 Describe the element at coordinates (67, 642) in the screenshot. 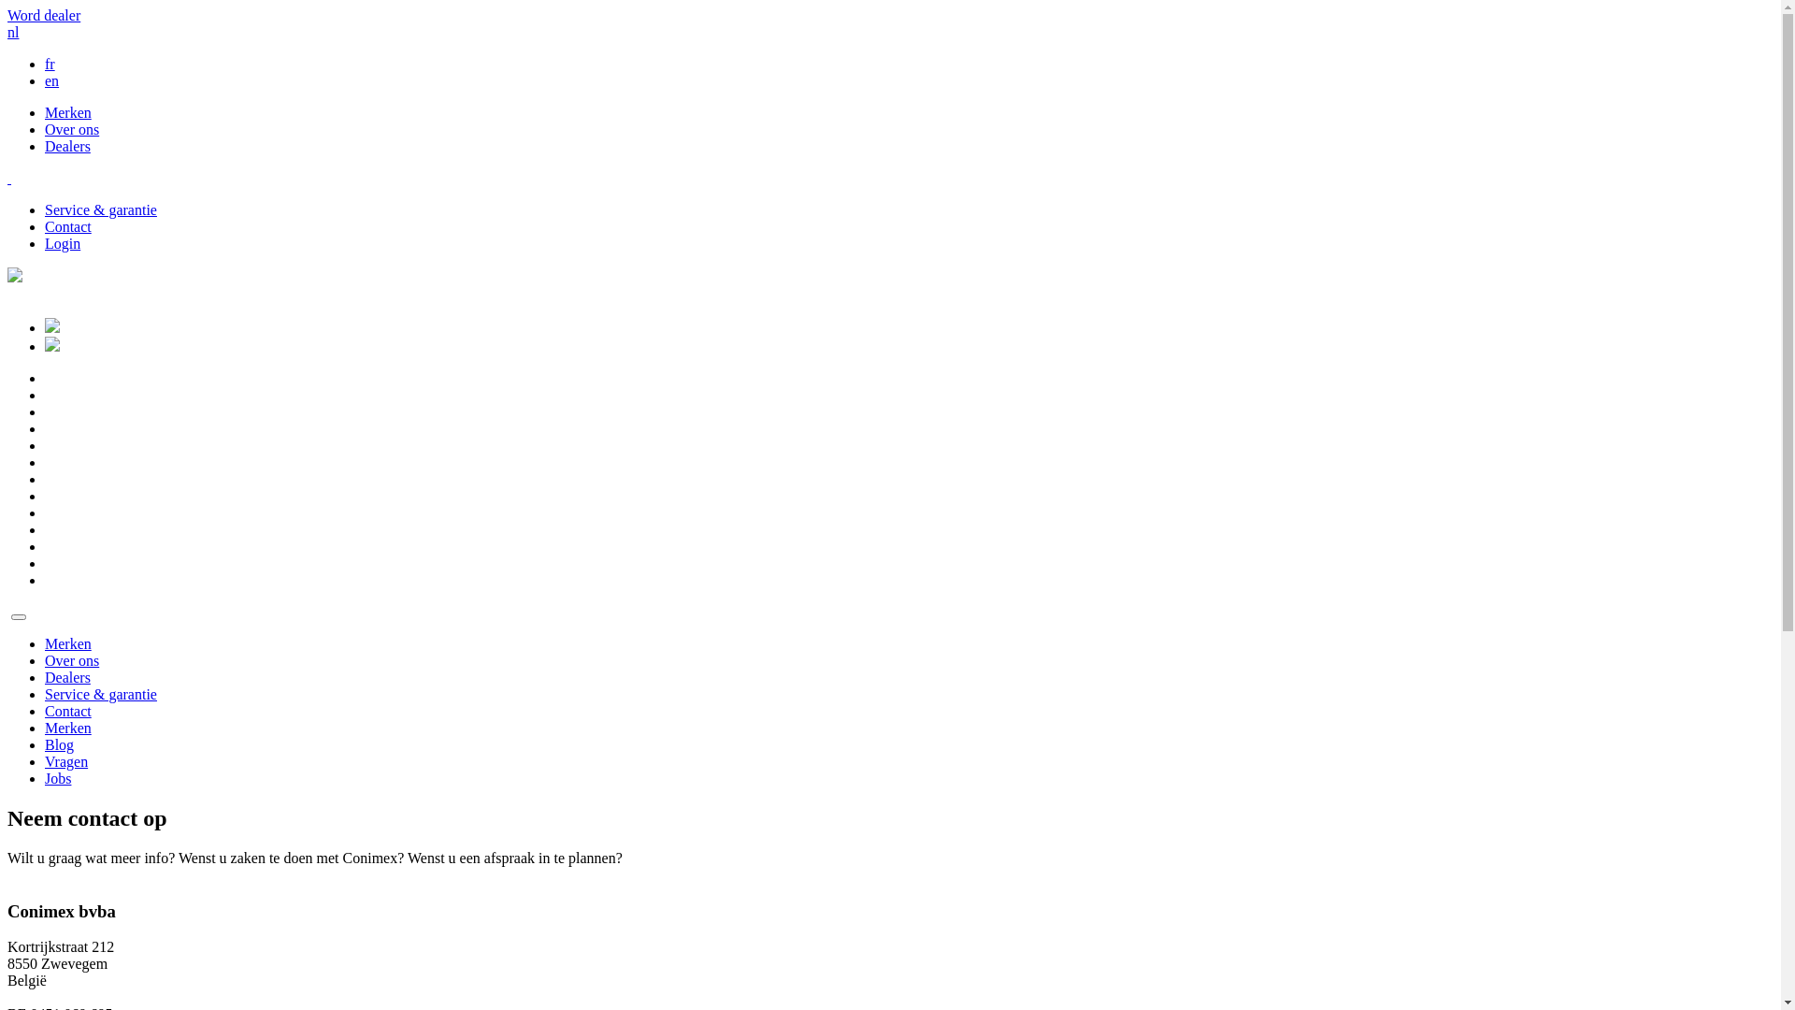

I see `'Merken'` at that location.